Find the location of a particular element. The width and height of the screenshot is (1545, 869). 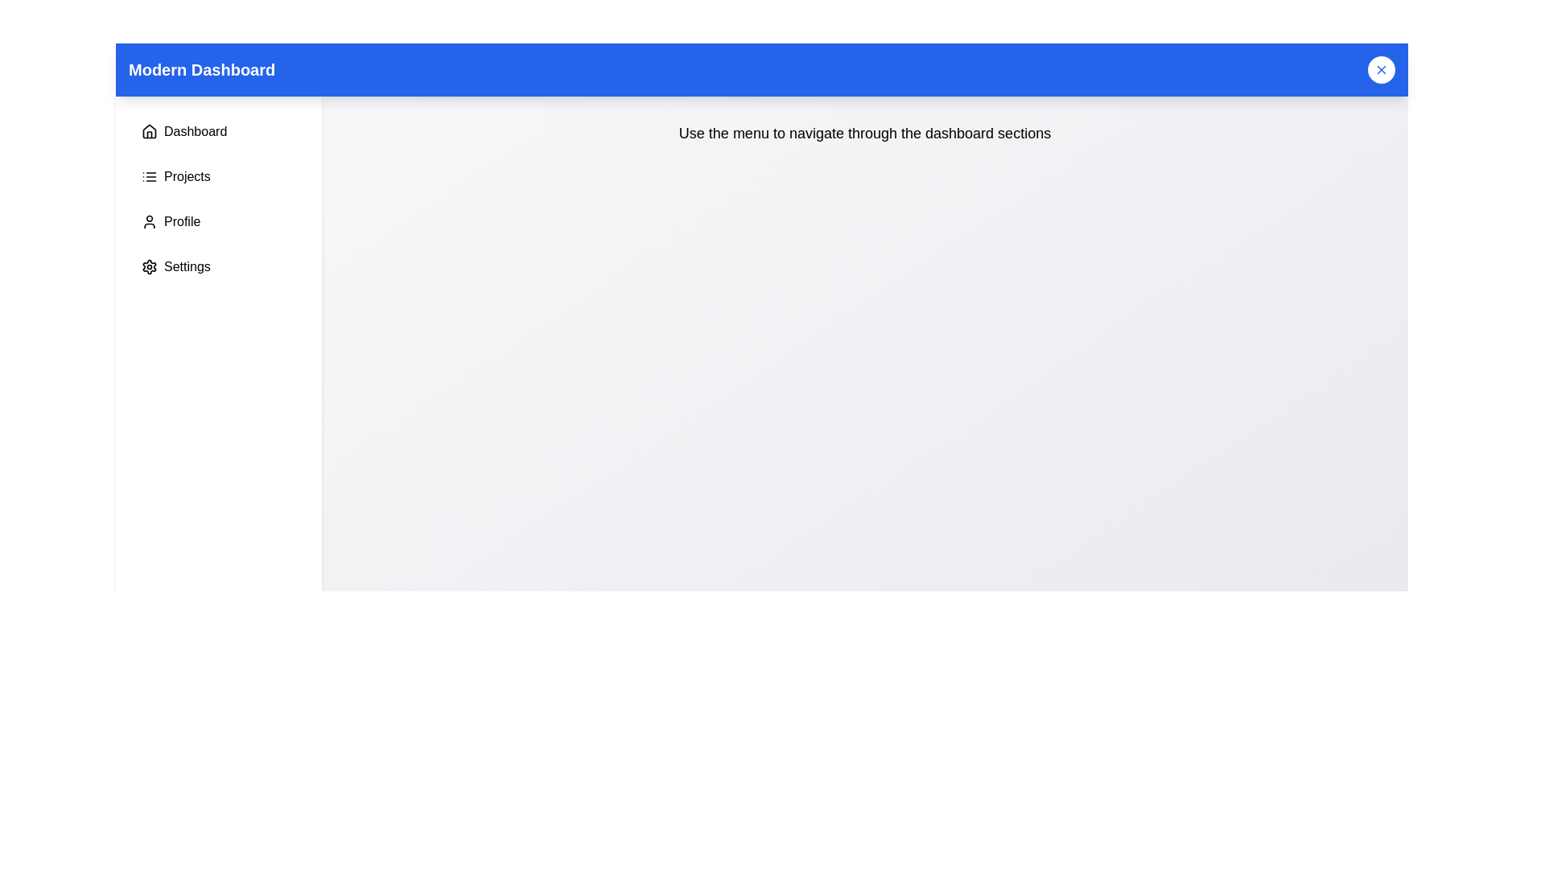

the 'Profile' button located in the left-hand navigation panel, which is the third item in the menu following 'Dashboard' and 'Projects' is located at coordinates (218, 222).